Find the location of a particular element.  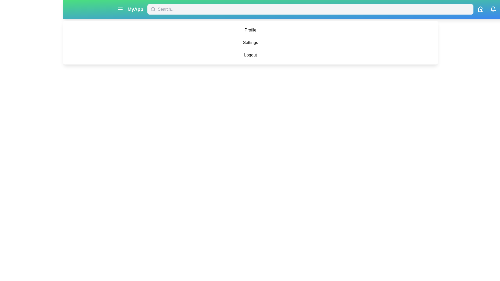

the static text label 'MyApp' which serves as an identifier for the application, positioned in the header between the menu icon and the search bar is located at coordinates (135, 9).